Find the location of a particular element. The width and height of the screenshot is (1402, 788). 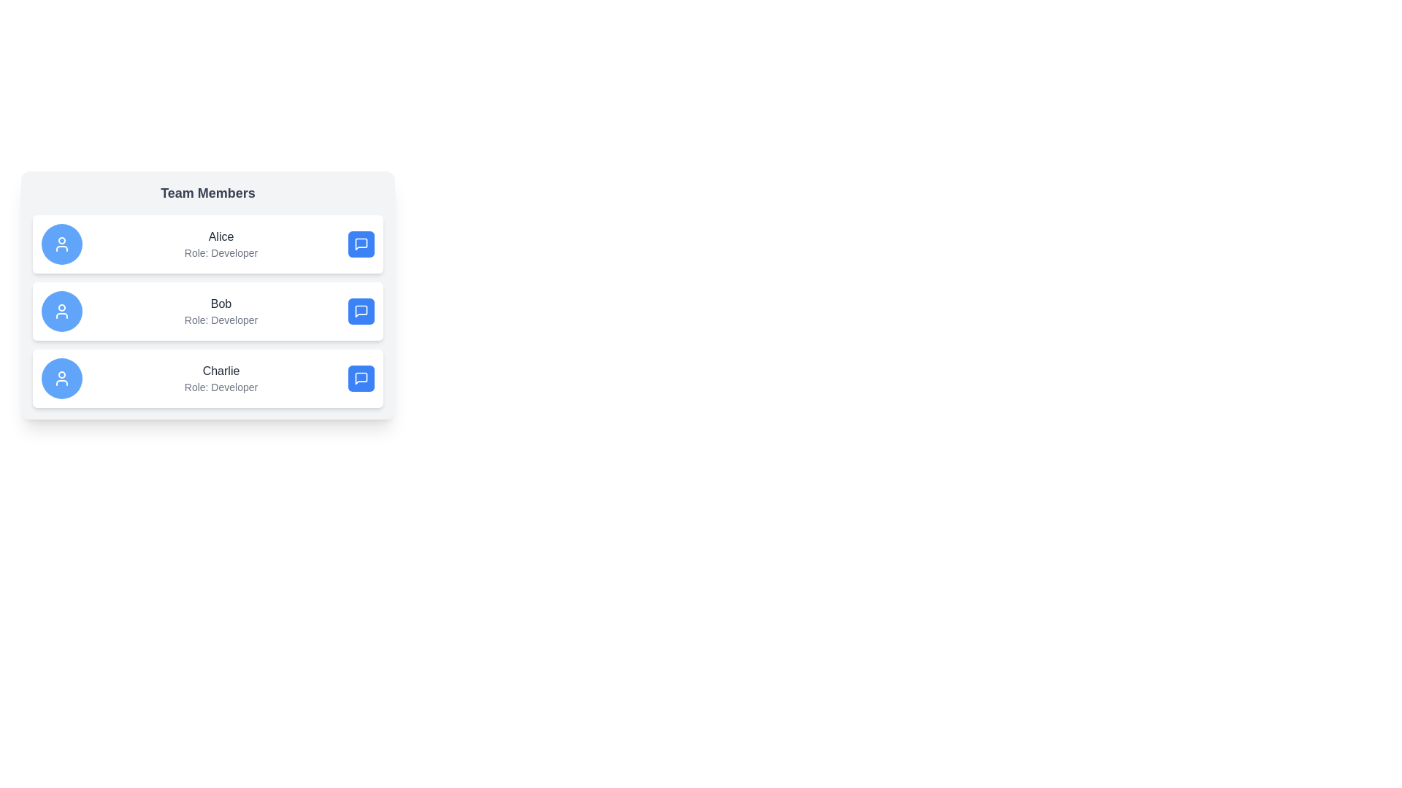

the text label displaying the team member's name, which is located between the cards labeled 'Alice' and 'Charlie' and above the text 'Role: Developer' is located at coordinates (220, 303).